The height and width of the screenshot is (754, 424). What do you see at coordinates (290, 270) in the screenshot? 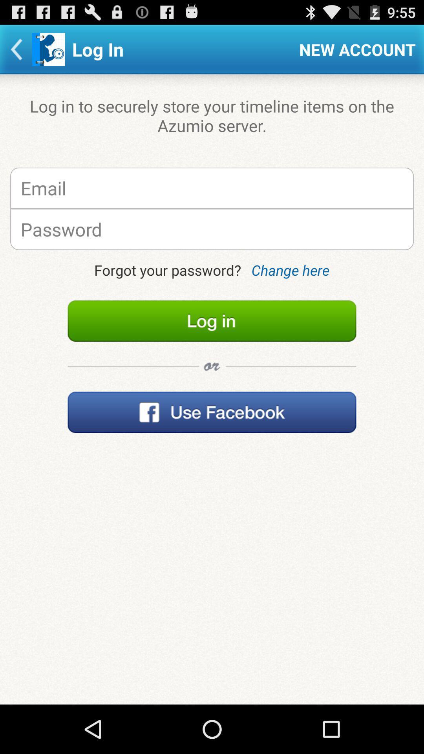
I see `change here on the right` at bounding box center [290, 270].